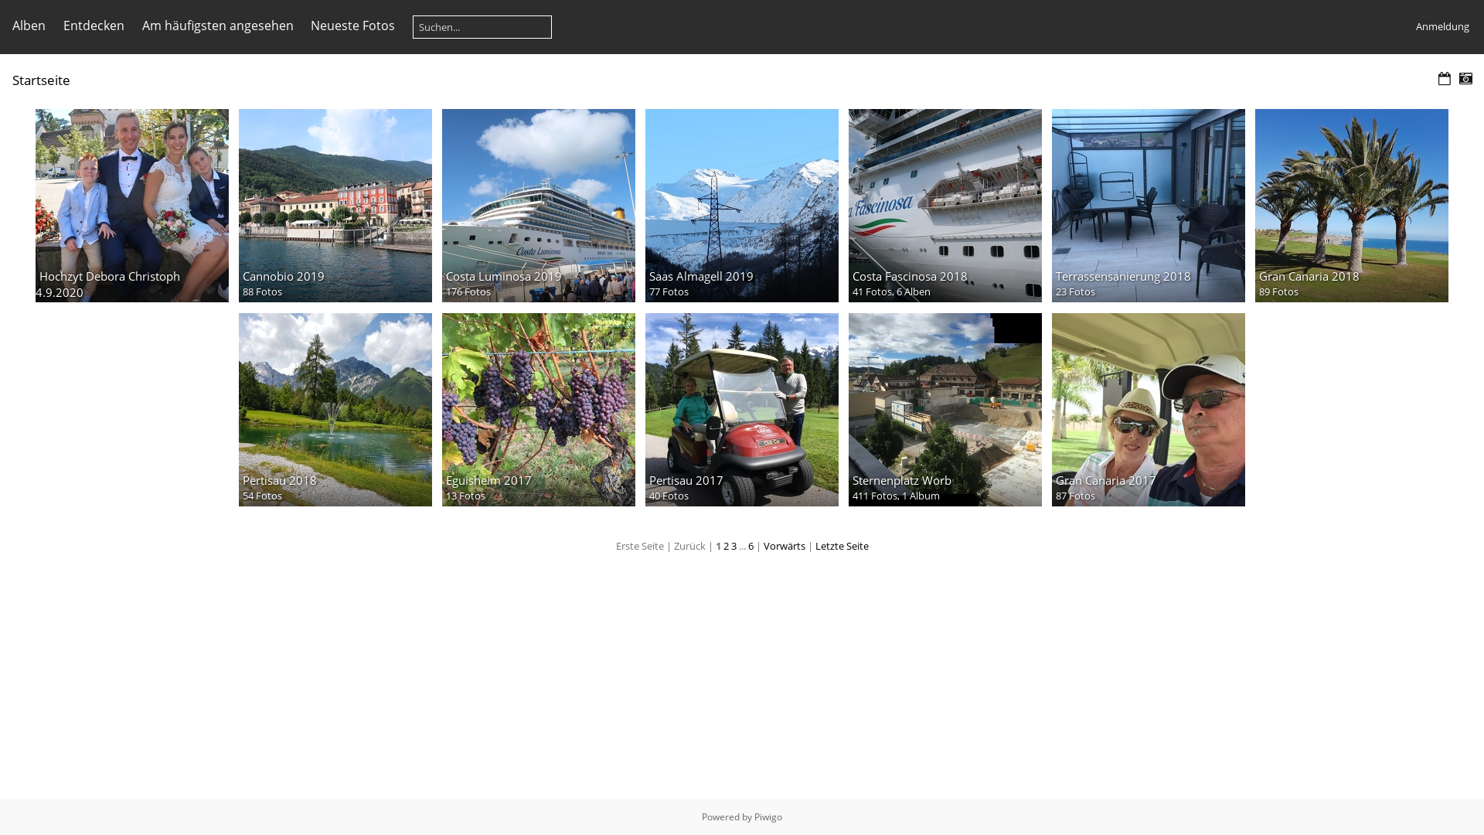 This screenshot has width=1484, height=835. What do you see at coordinates (334, 205) in the screenshot?
I see `'Cannobio 2019` at bounding box center [334, 205].